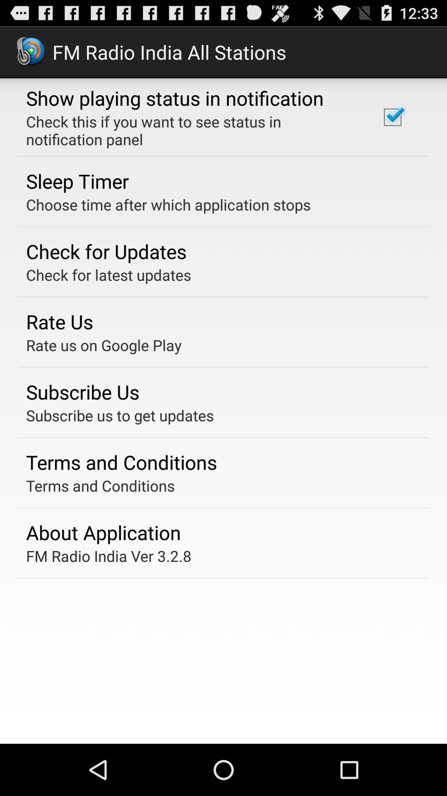 This screenshot has width=447, height=796. I want to click on icon above the fm radio india icon, so click(103, 532).